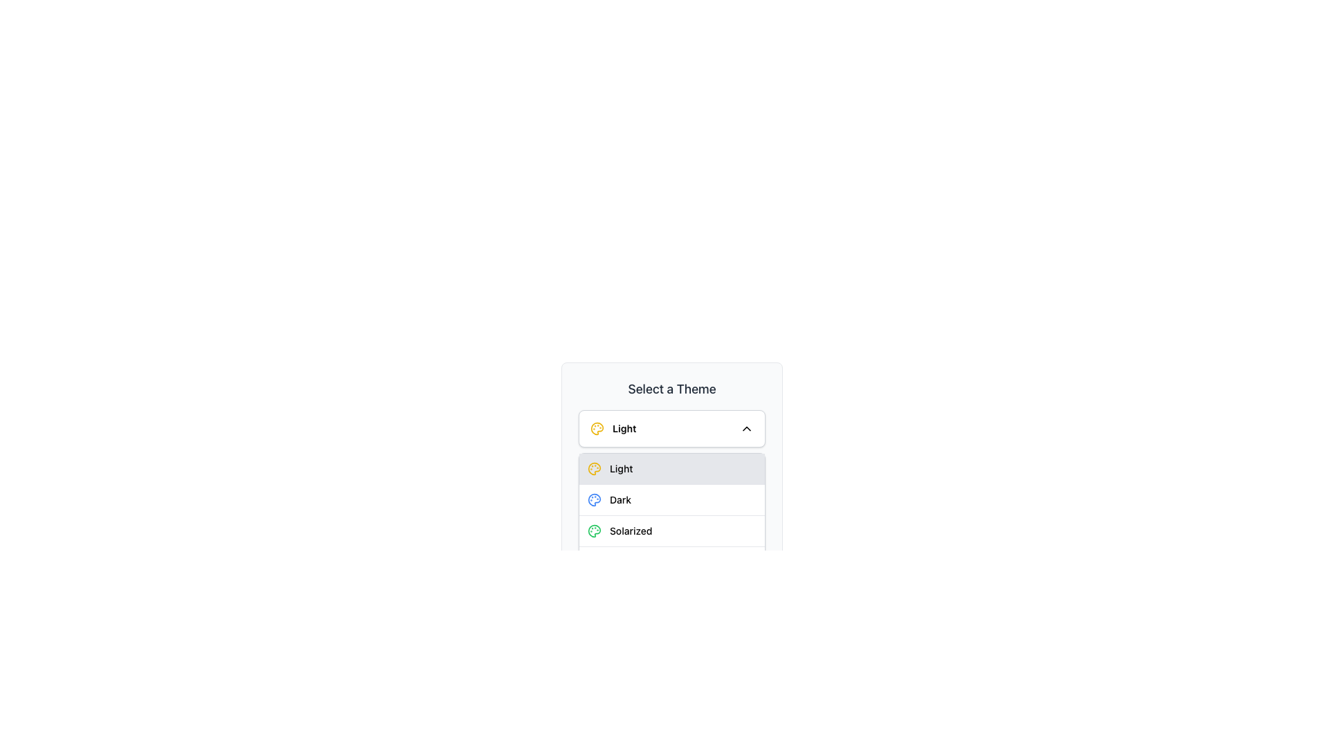 The width and height of the screenshot is (1329, 747). Describe the element at coordinates (620, 468) in the screenshot. I see `the 'Light' theme selection label within the dropdown menu, which is highlighted and located under 'Select a Theme' with a palette icon adjacent to it` at that location.